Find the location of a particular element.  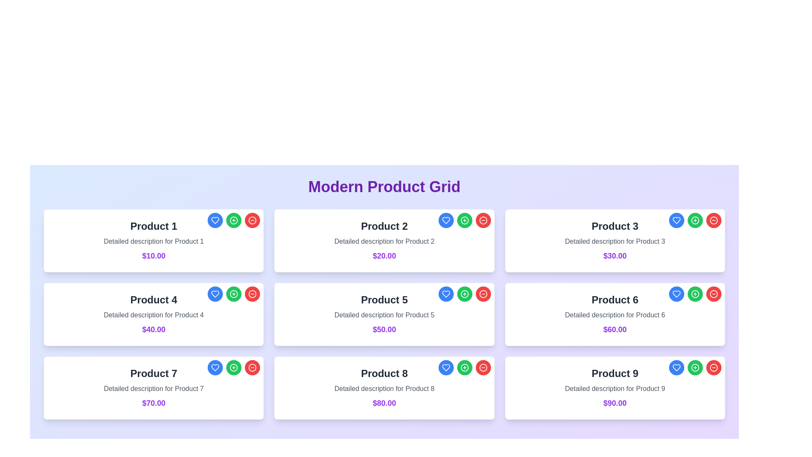

the blue circular button with a white heart icon located in the top-right corner of the card for 'Product 3' is located at coordinates (675, 220).